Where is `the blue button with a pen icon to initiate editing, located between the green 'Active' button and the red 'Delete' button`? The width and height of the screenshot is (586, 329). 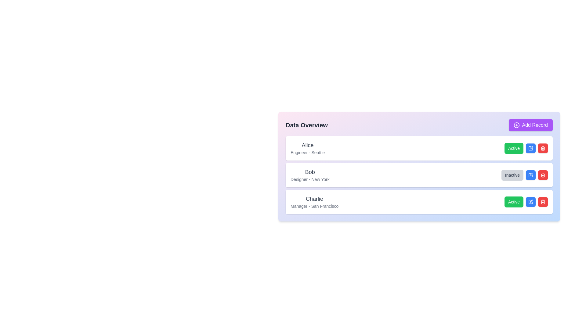
the blue button with a pen icon to initiate editing, located between the green 'Active' button and the red 'Delete' button is located at coordinates (530, 148).